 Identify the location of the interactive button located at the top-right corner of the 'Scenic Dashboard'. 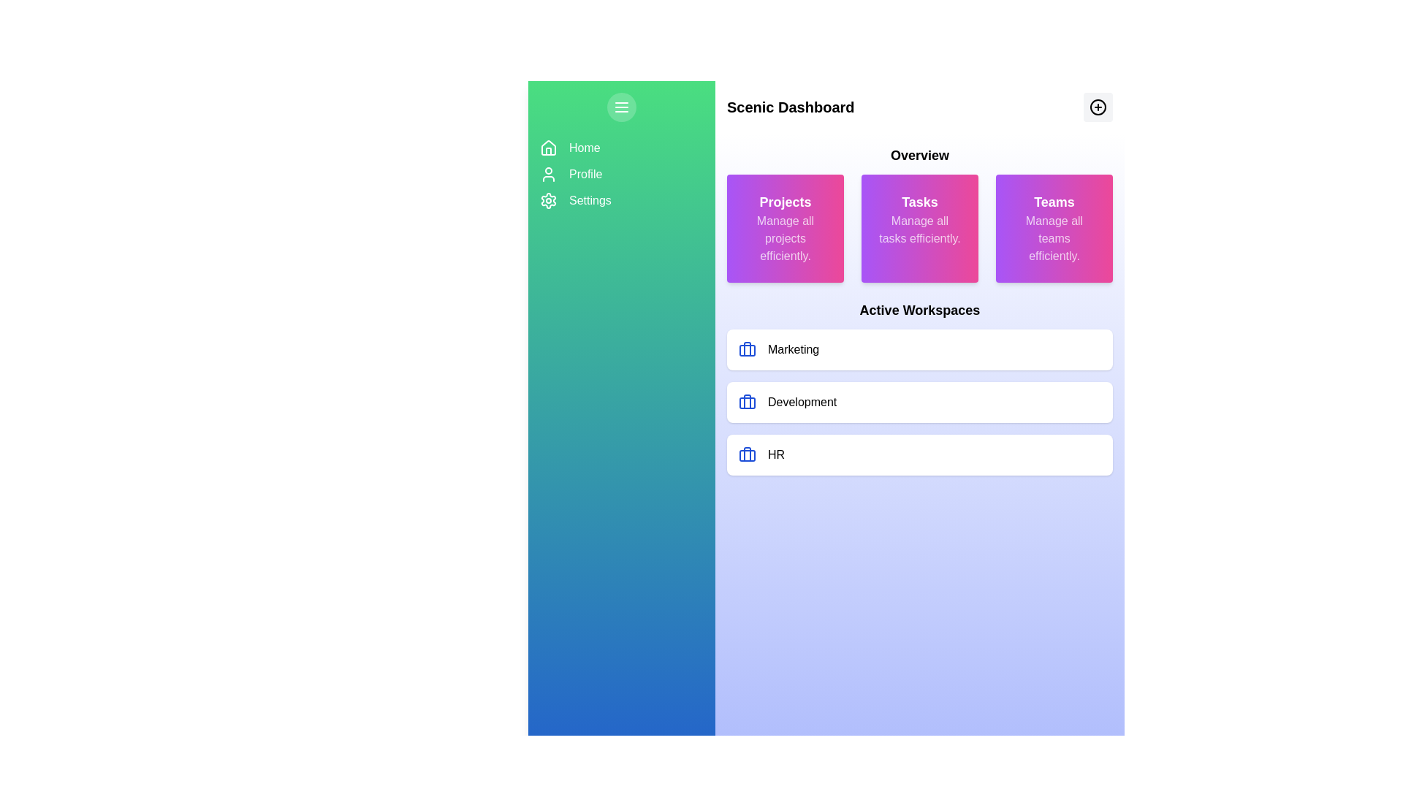
(1098, 106).